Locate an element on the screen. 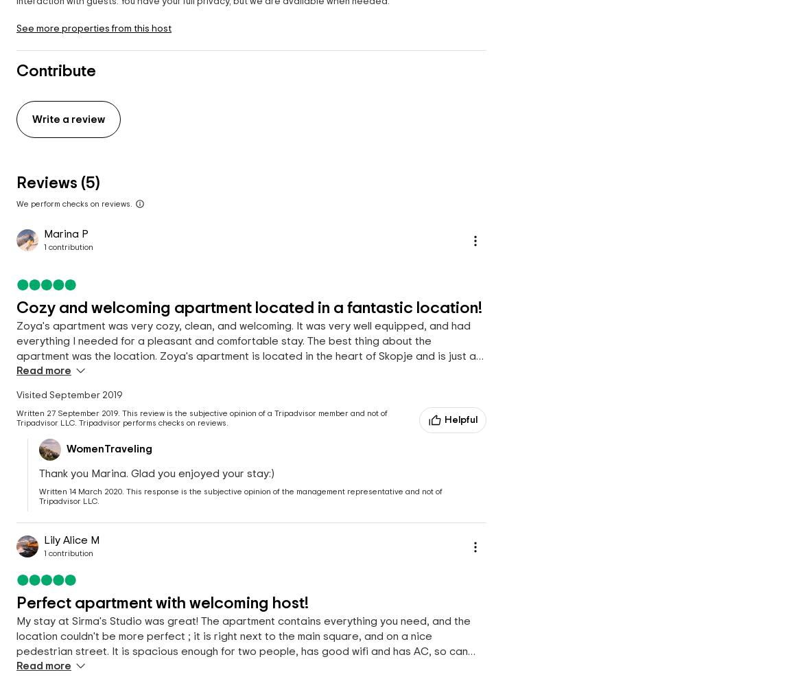 The image size is (789, 679). 'This response is the subjective opinion of the management representative and not of Tripadvisor LLC.' is located at coordinates (240, 496).